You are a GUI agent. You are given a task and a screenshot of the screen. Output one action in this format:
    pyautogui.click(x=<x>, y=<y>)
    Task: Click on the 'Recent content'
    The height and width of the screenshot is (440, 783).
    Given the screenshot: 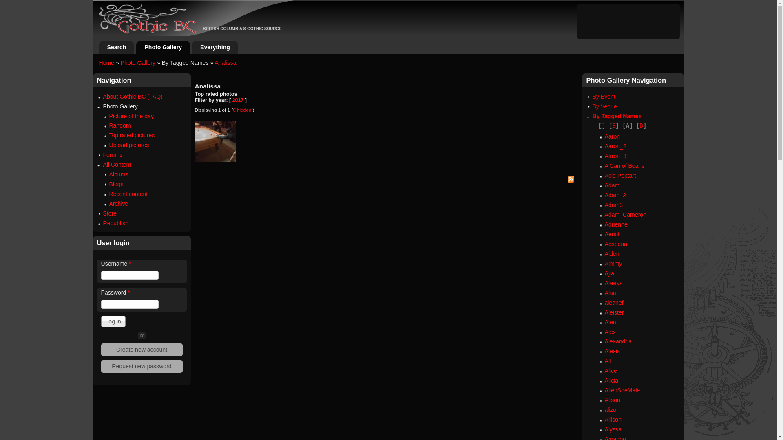 What is the action you would take?
    pyautogui.click(x=128, y=194)
    